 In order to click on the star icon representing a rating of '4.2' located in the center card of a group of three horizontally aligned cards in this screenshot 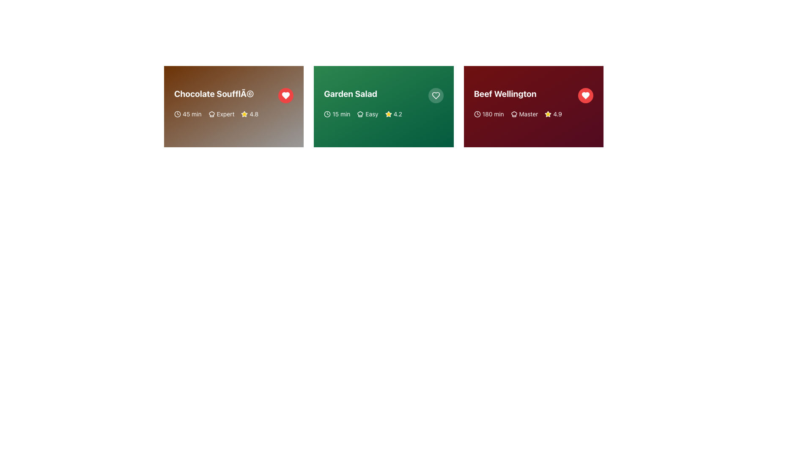, I will do `click(388, 114)`.